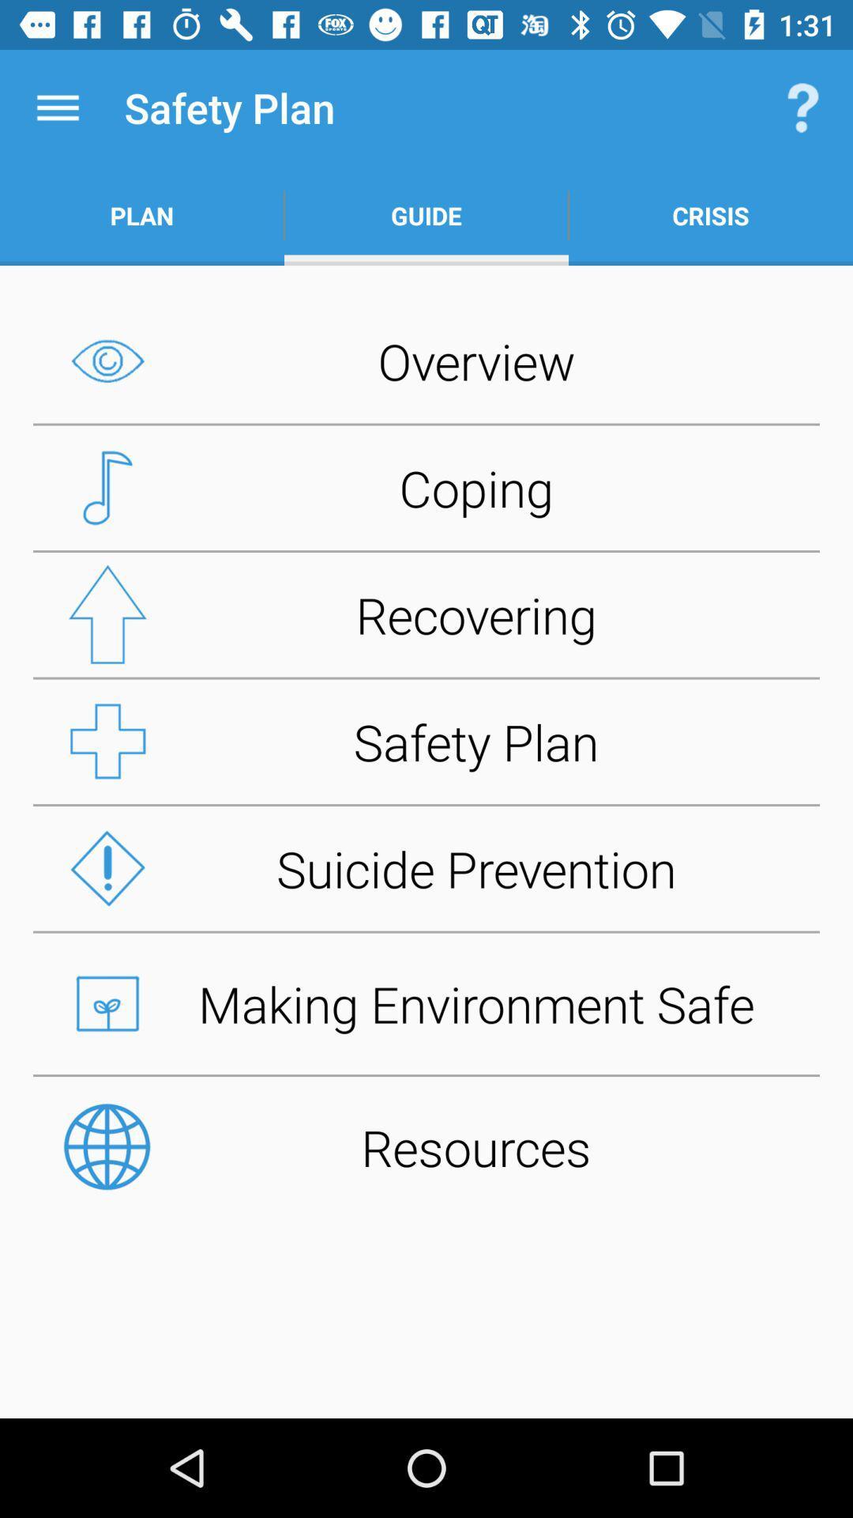  Describe the element at coordinates (426, 215) in the screenshot. I see `item to the right of the plan` at that location.